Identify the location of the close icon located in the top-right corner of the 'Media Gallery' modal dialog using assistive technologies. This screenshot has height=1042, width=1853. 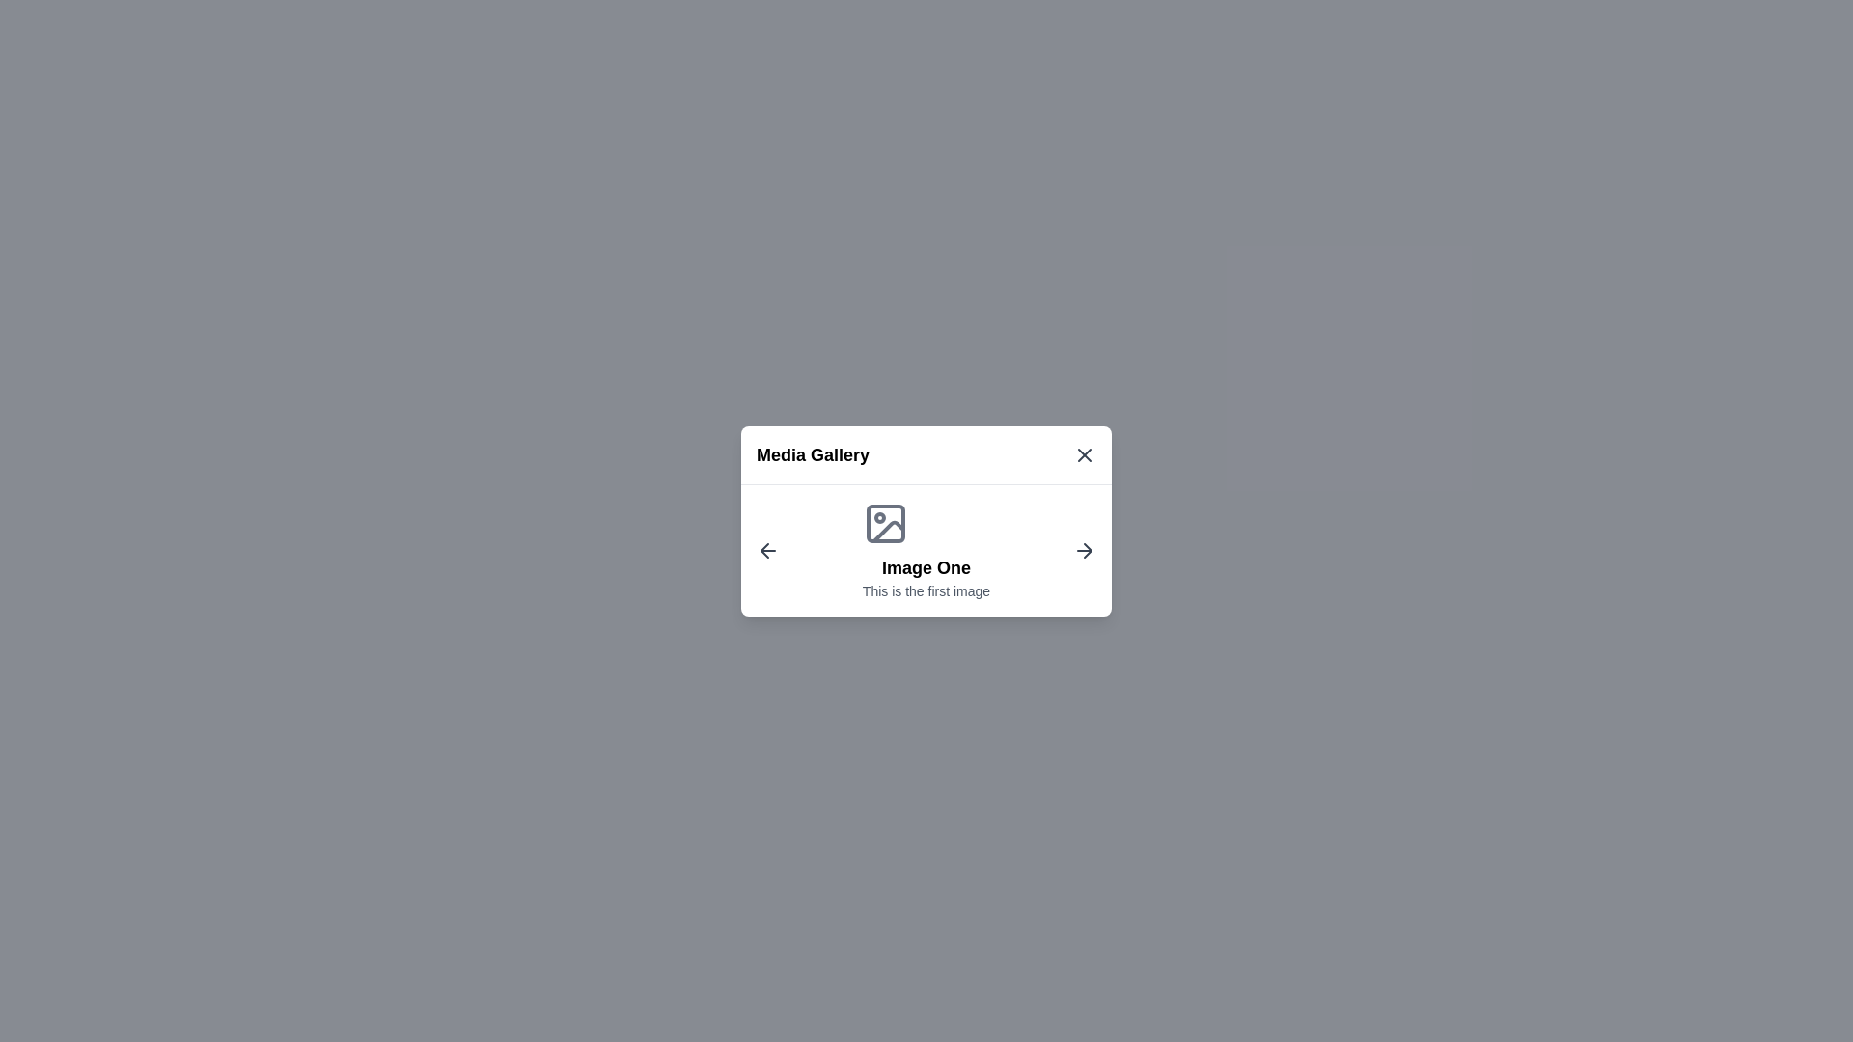
(1084, 454).